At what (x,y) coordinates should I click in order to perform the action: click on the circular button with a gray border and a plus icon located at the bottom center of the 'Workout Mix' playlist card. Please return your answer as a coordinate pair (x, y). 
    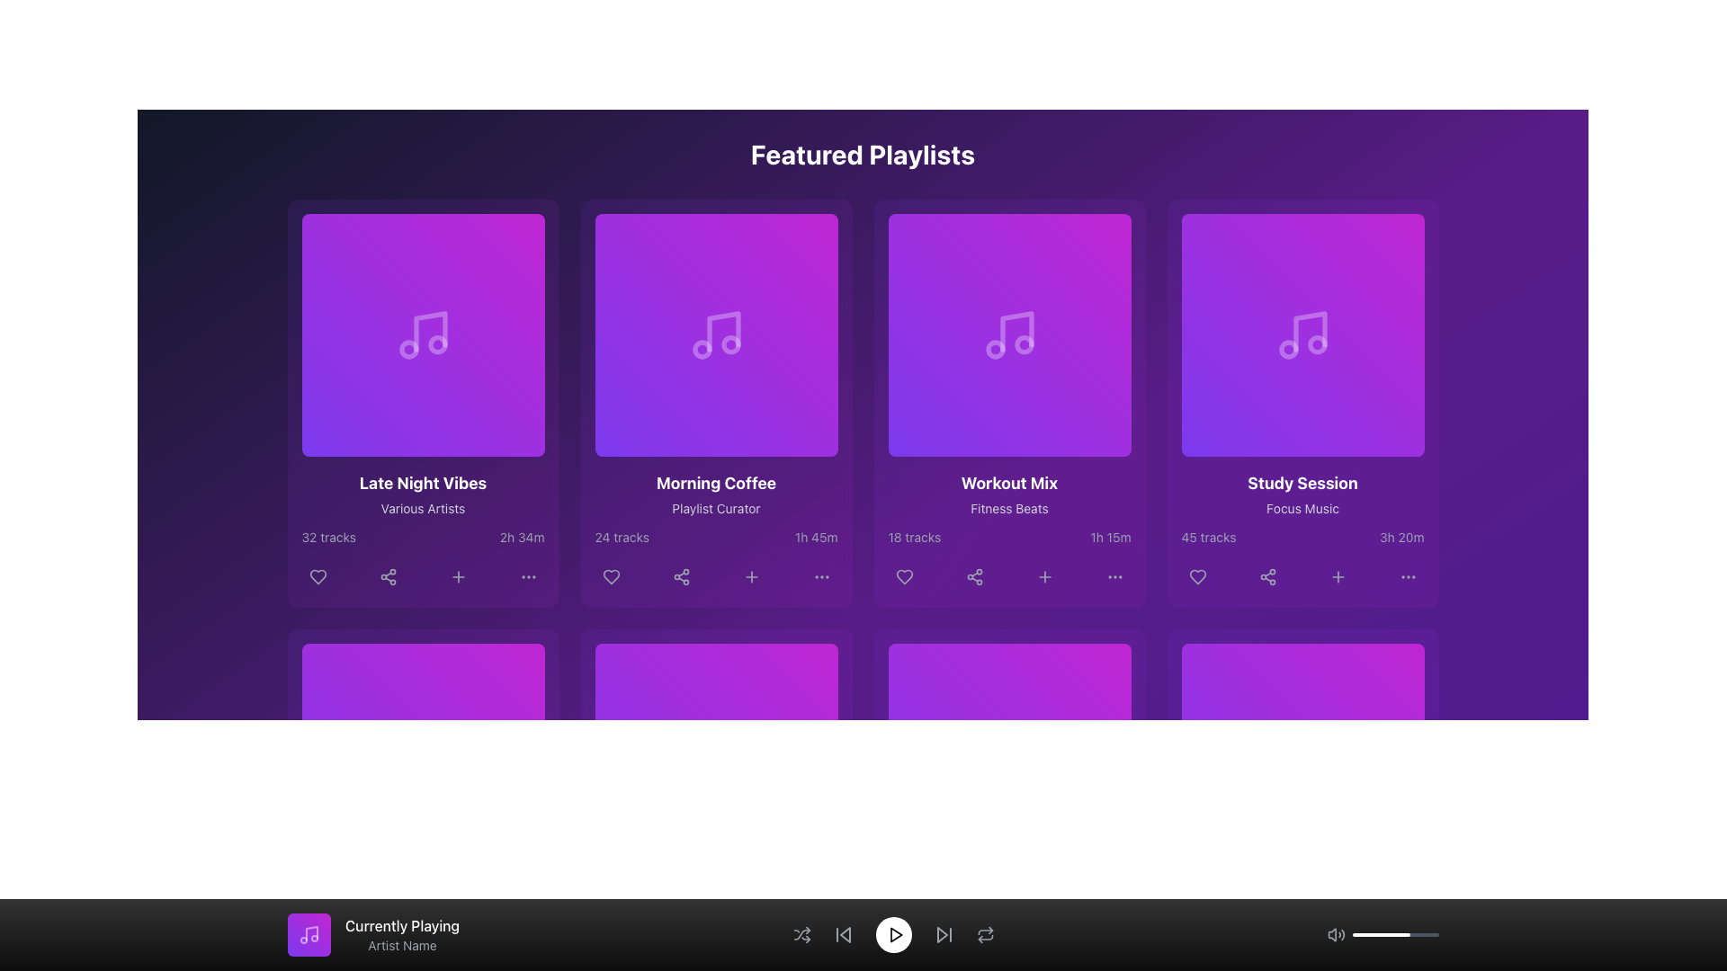
    Looking at the image, I should click on (1044, 576).